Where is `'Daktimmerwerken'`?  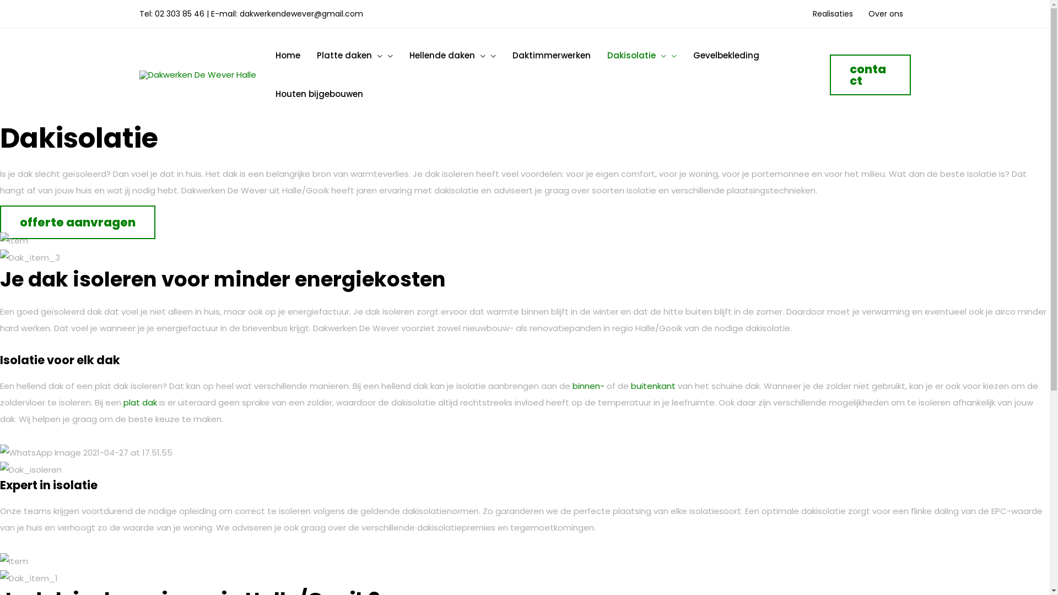 'Daktimmerwerken' is located at coordinates (550, 55).